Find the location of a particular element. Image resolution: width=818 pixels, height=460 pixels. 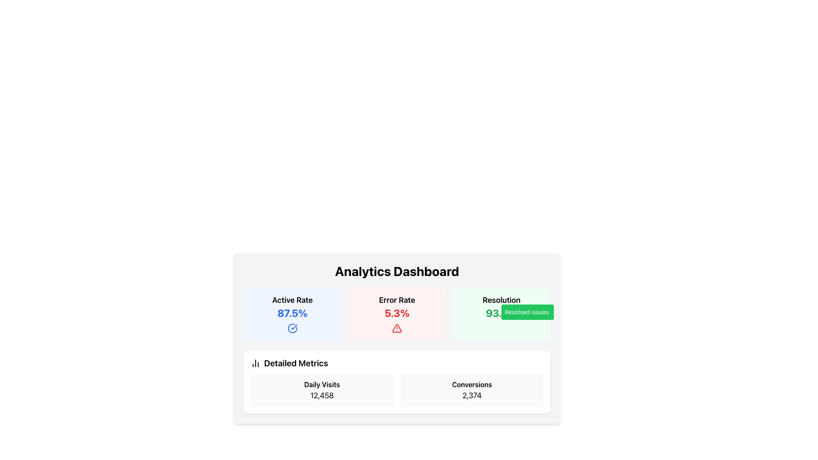

the 'Conversions' text label, which is styled in a bold font and positioned in the detailed metrics section of the analytics dashboard, located inside a light gray, rounded rectangle card is located at coordinates (472, 384).